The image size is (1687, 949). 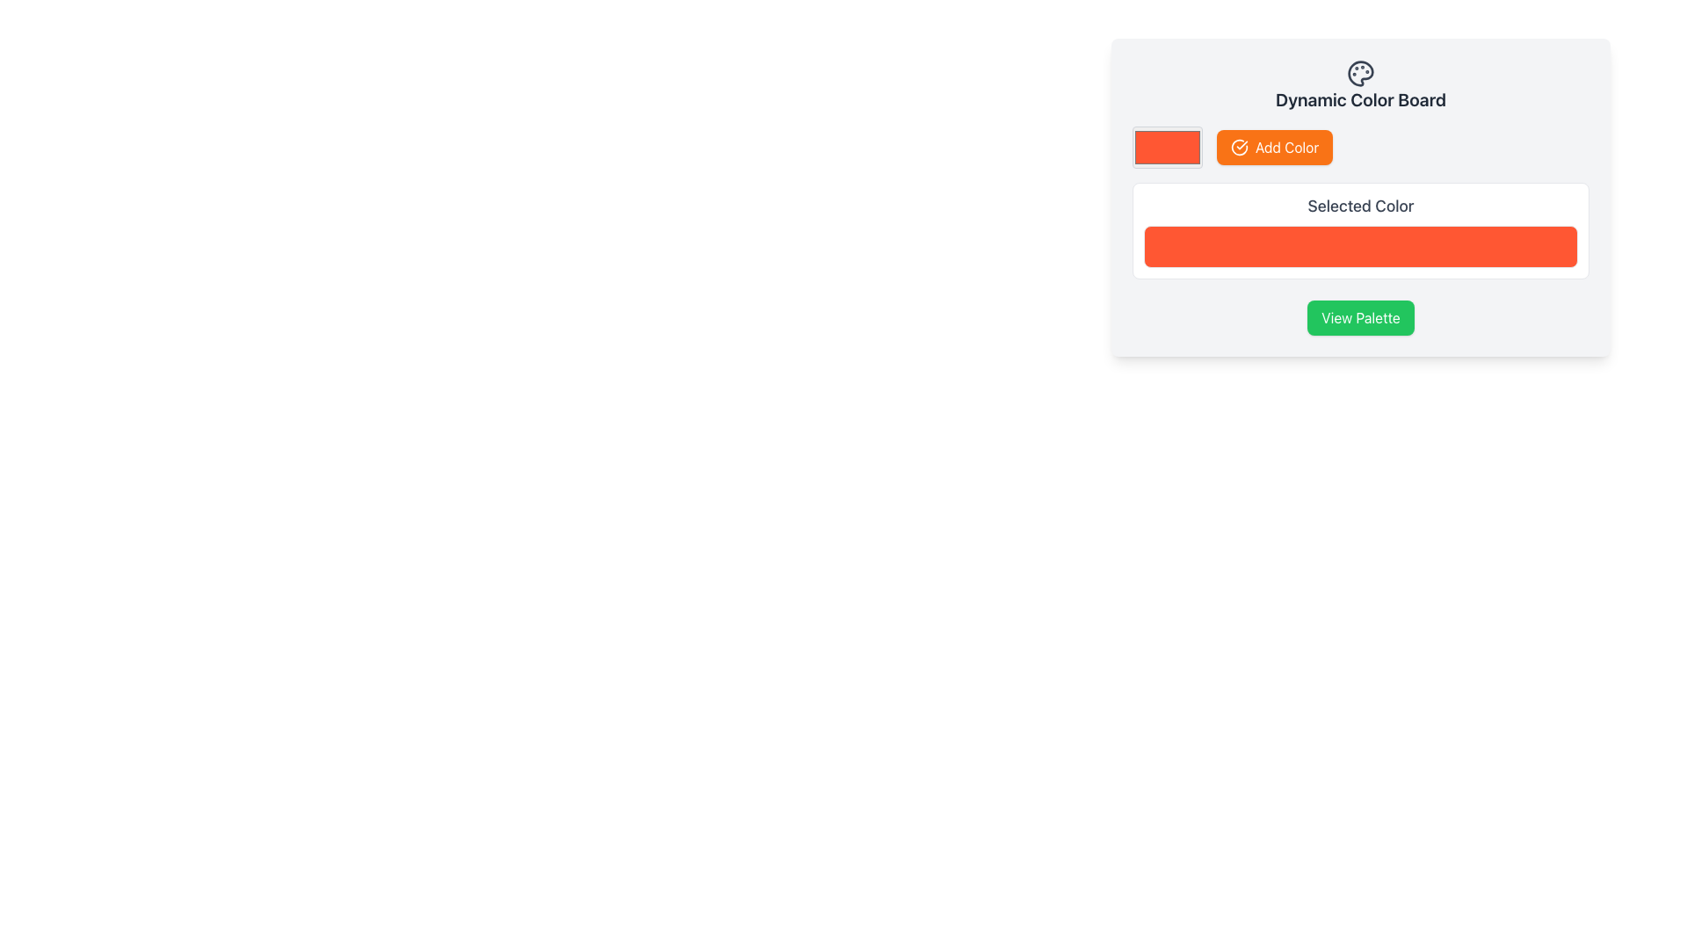 What do you see at coordinates (1360, 318) in the screenshot?
I see `the 'View Palette' button, which has a green background and white text, located below the 'Selected Color' section` at bounding box center [1360, 318].